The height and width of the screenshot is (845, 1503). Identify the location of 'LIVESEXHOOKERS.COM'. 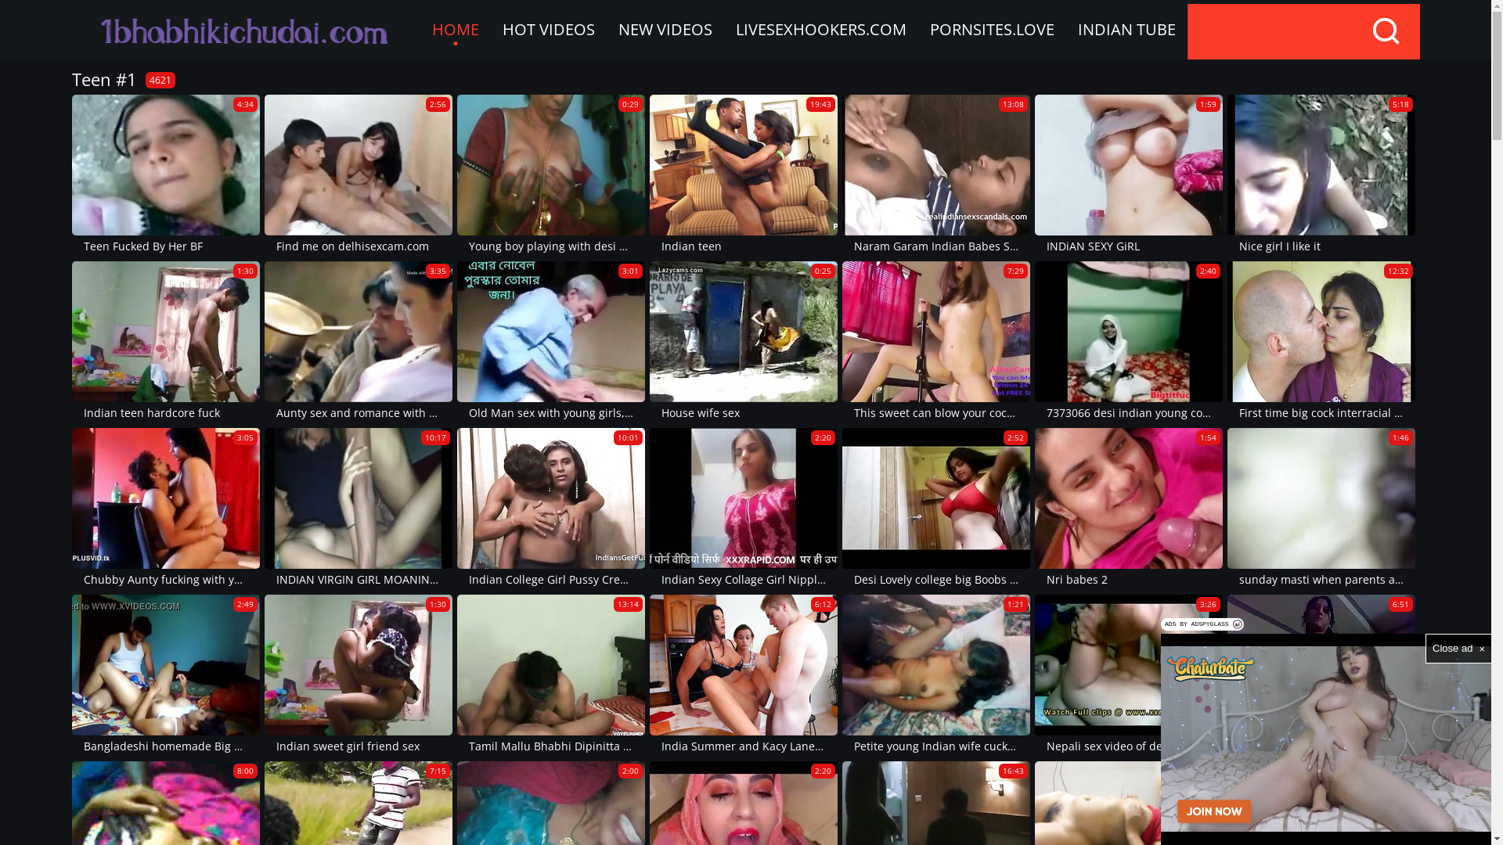
(819, 30).